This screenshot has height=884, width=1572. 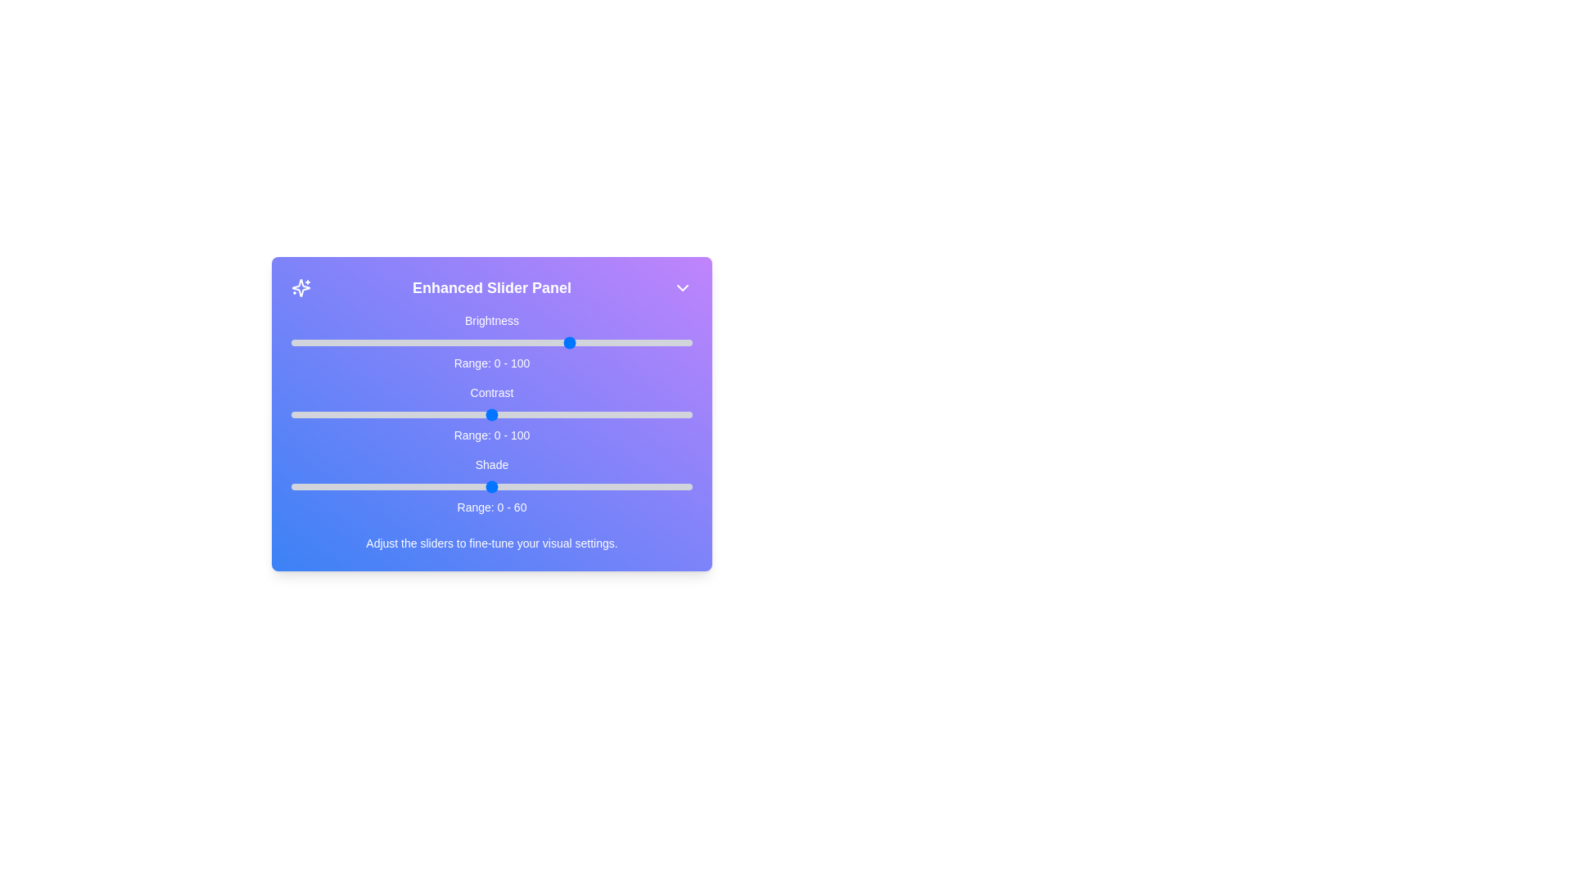 What do you see at coordinates (483, 342) in the screenshot?
I see `the 0 slider to 48` at bounding box center [483, 342].